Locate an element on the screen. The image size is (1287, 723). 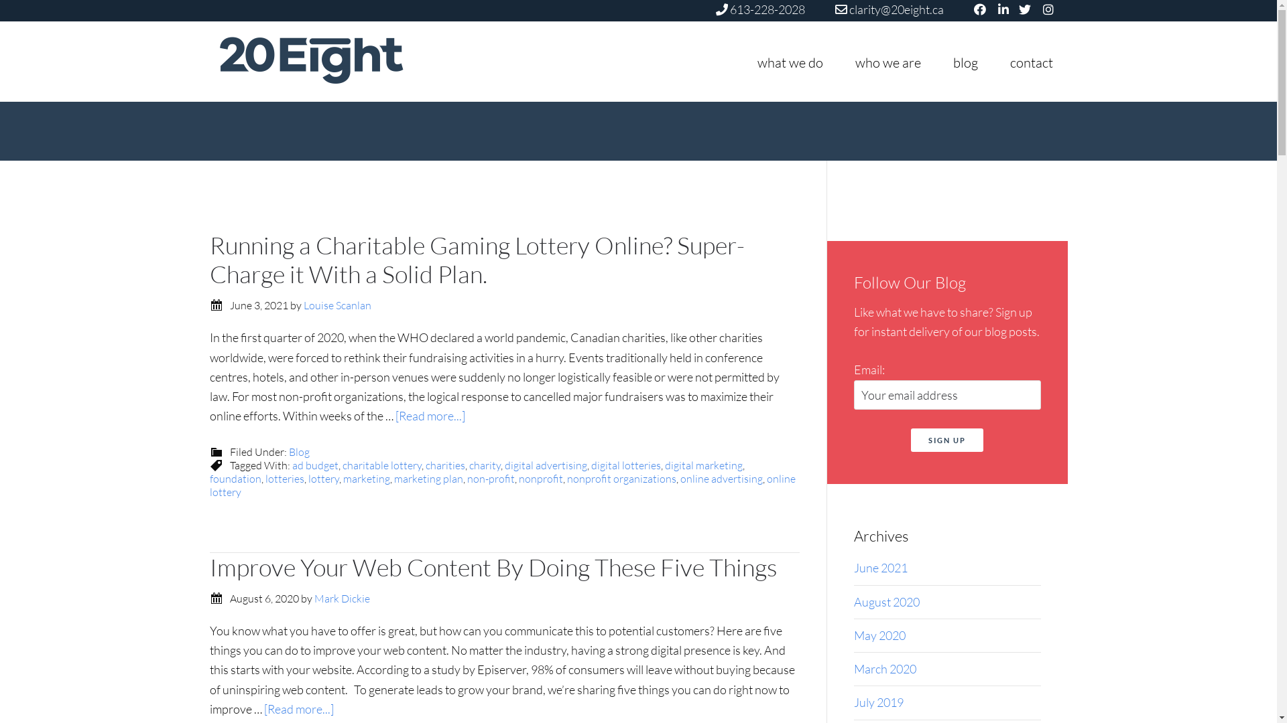
'June 2021' is located at coordinates (881, 568).